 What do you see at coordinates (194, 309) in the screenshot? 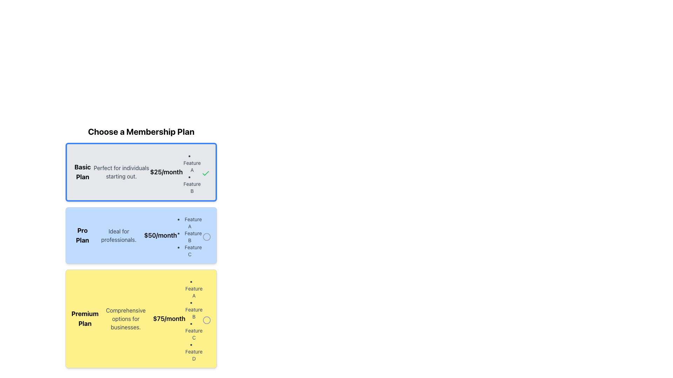
I see `the second text label in the 'Premium Plan' section that describes a specific feature, located below 'Feature A' and above 'Feature C'` at bounding box center [194, 309].